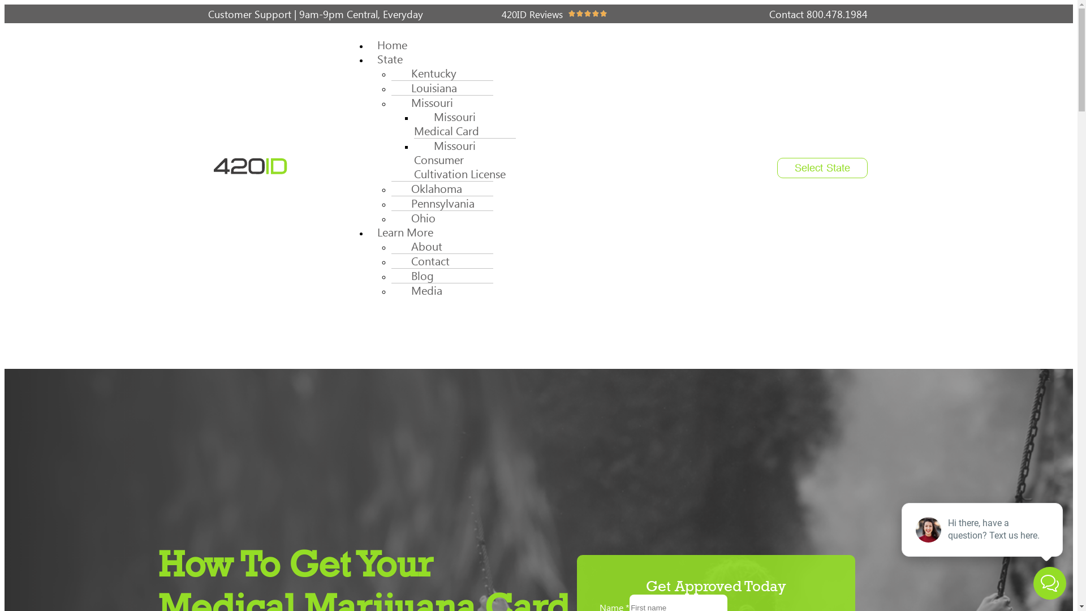 This screenshot has height=611, width=1086. I want to click on 'Media', so click(420, 290).